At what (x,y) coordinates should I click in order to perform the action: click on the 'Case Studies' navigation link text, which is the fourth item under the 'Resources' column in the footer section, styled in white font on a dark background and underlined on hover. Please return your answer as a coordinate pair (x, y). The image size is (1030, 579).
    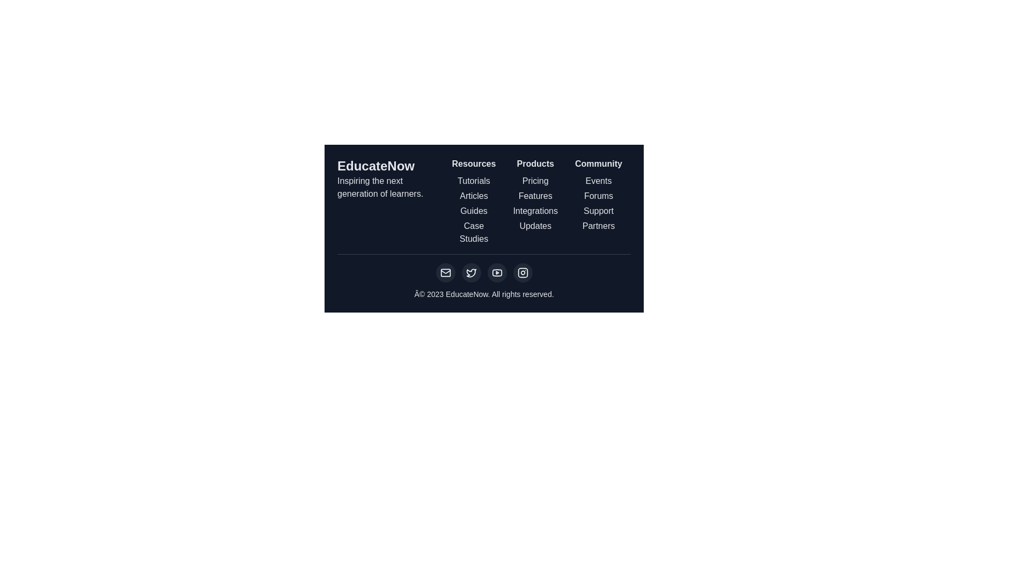
    Looking at the image, I should click on (473, 232).